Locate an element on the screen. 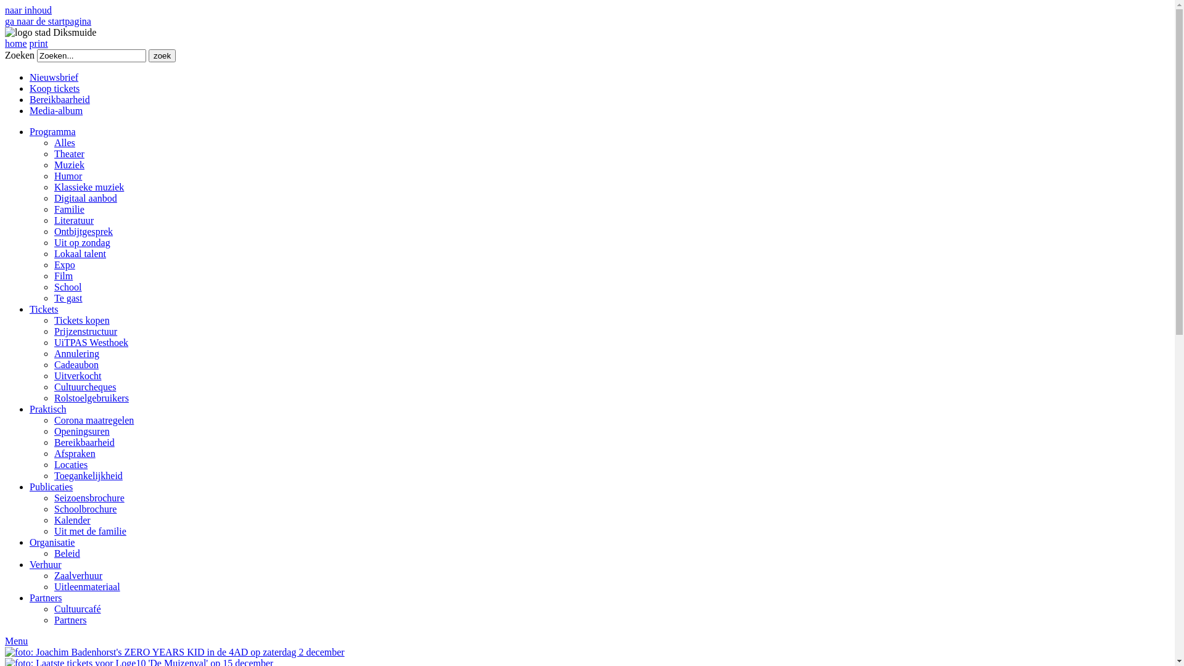 The image size is (1184, 666). 'Expo' is located at coordinates (64, 264).